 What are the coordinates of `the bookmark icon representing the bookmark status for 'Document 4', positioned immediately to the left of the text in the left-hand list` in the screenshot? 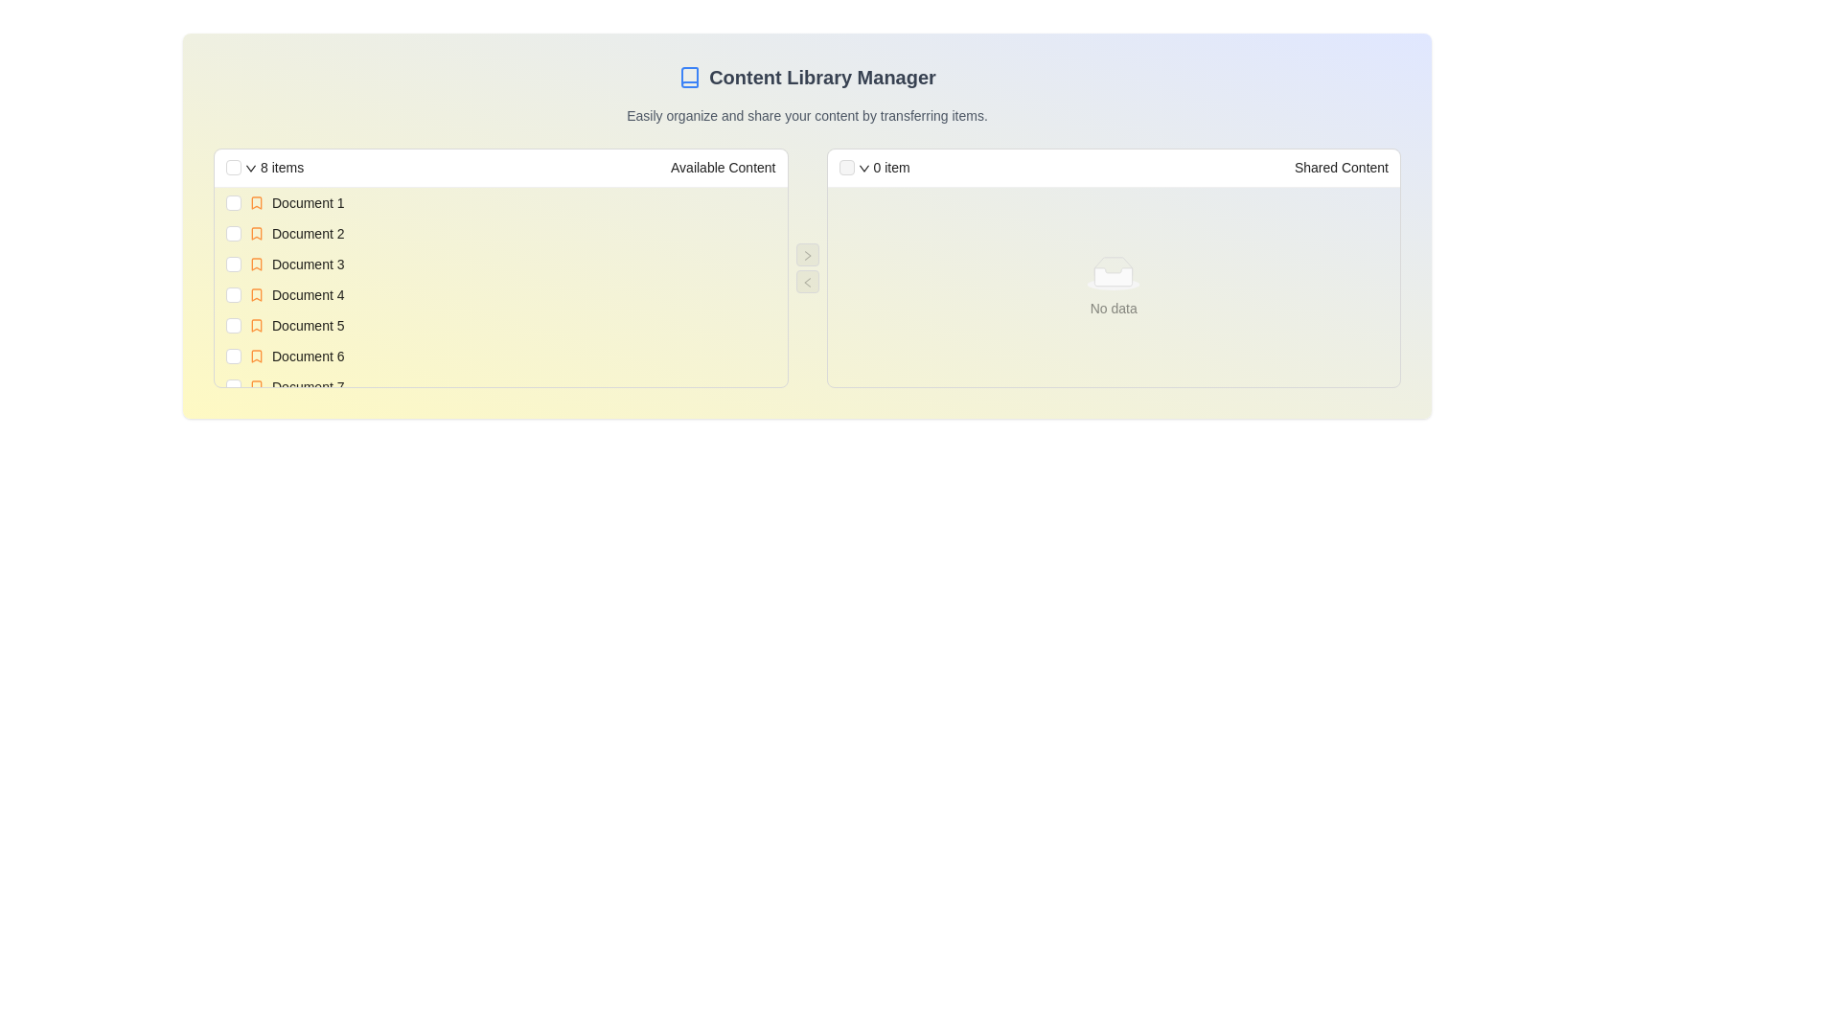 It's located at (256, 295).